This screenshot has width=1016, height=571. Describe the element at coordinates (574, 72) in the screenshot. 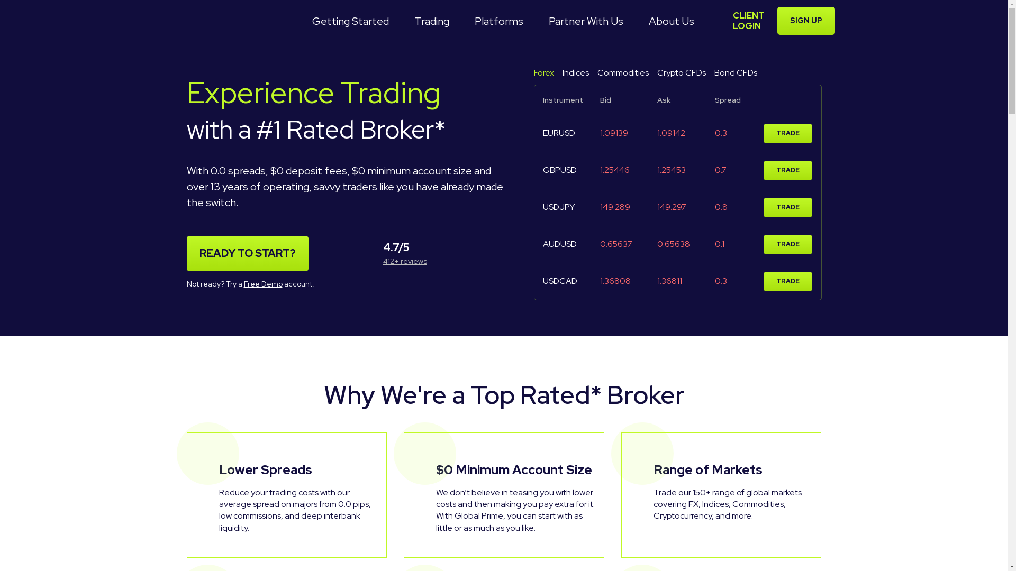

I see `'Indices'` at that location.